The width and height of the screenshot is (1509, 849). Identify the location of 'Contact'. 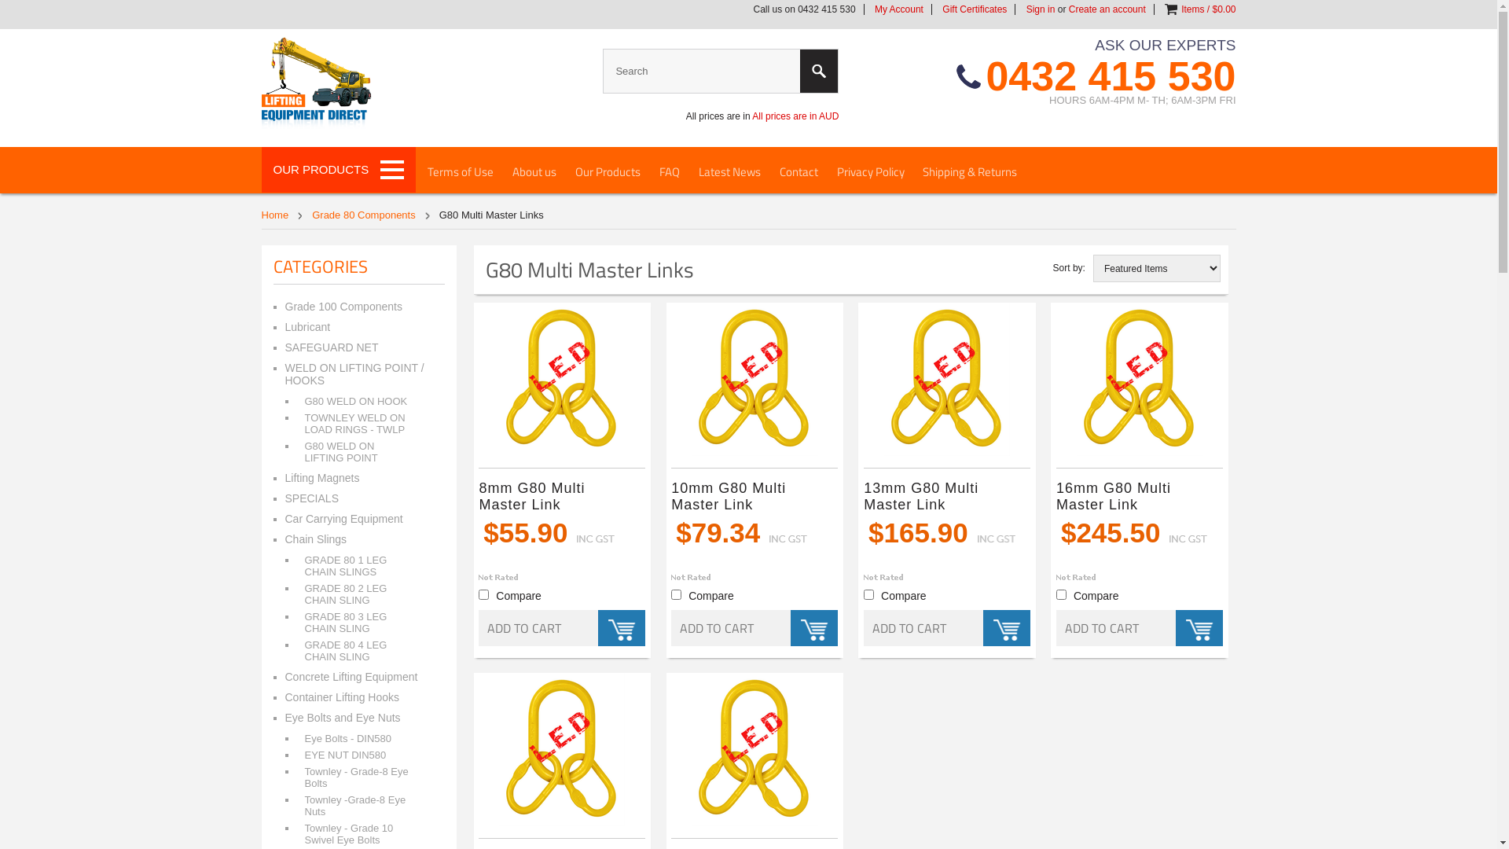
(799, 171).